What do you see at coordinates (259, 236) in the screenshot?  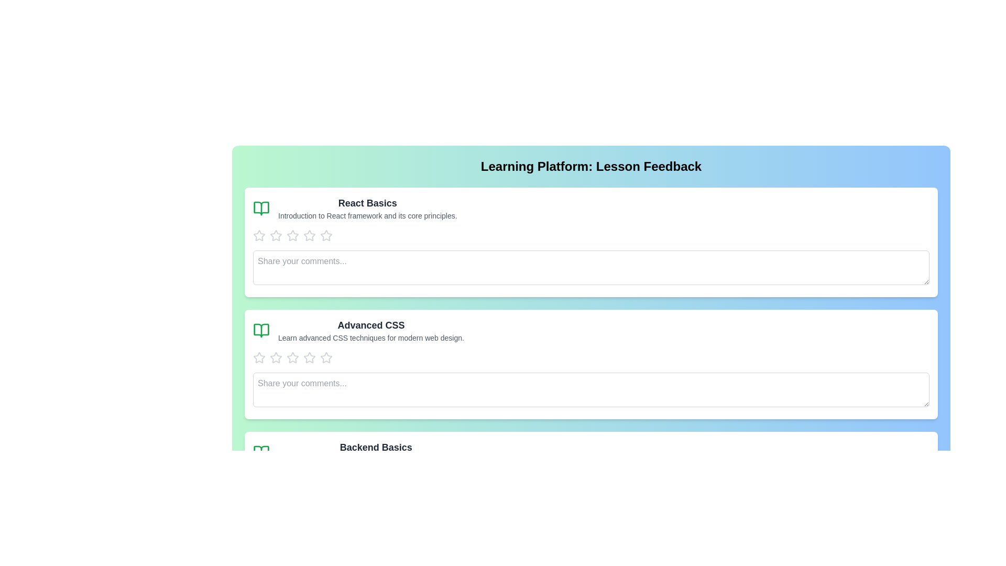 I see `the first star icon in the rating system for the 'React Basics' lesson` at bounding box center [259, 236].